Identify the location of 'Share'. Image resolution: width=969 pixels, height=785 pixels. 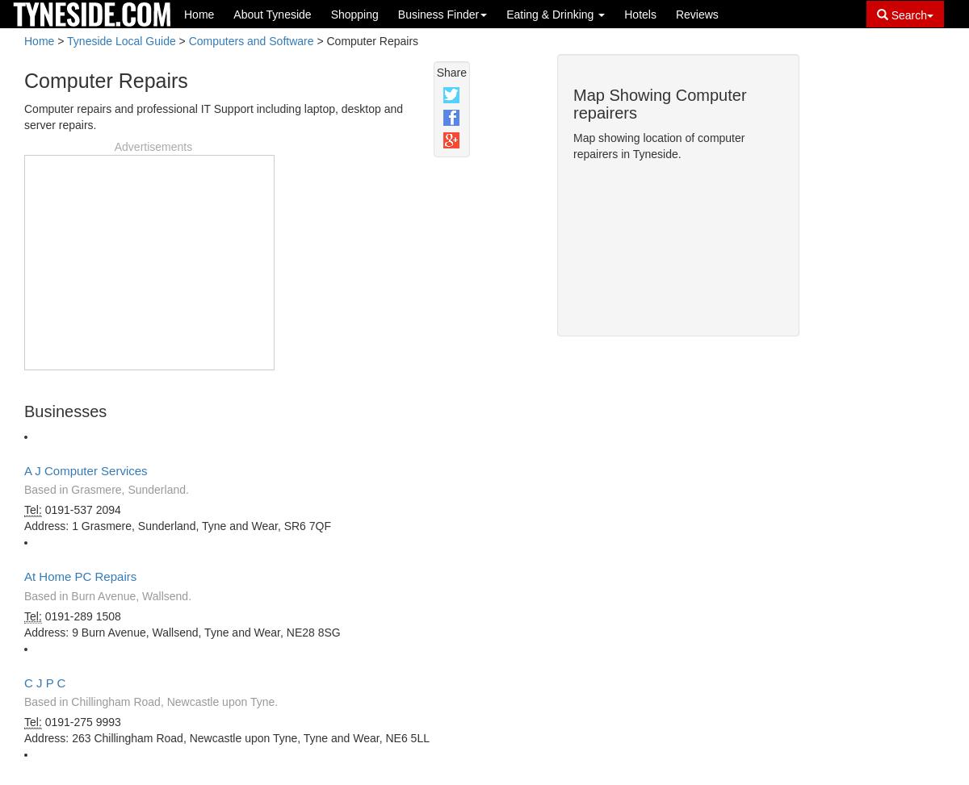
(450, 71).